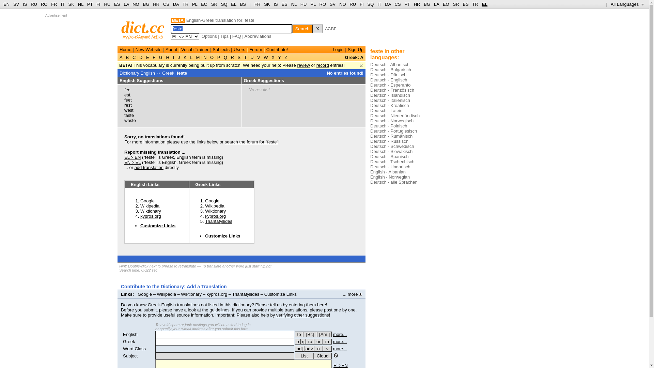  What do you see at coordinates (129, 115) in the screenshot?
I see `'taste'` at bounding box center [129, 115].